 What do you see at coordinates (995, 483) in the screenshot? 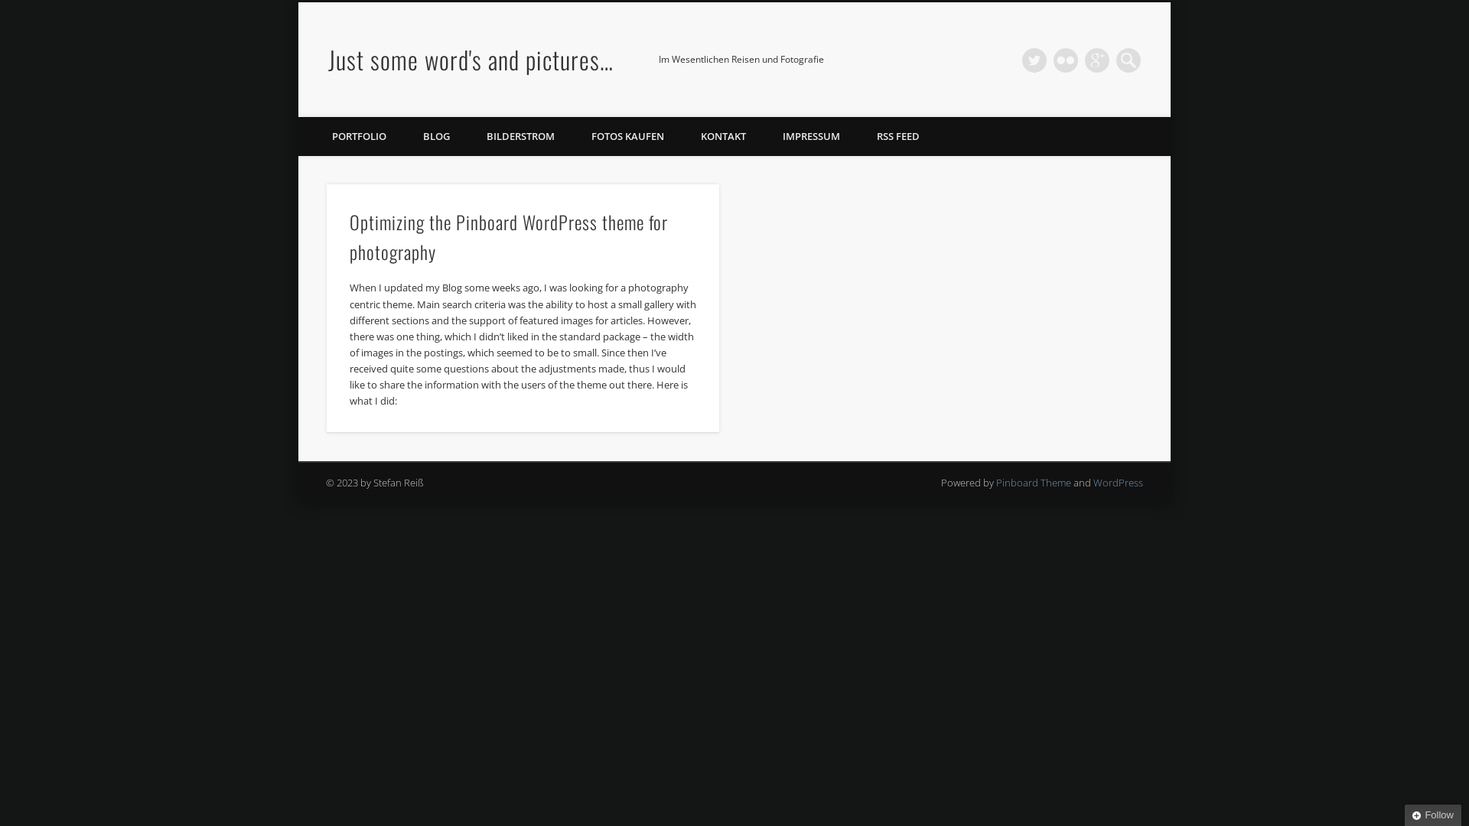
I see `'Pinboard Theme'` at bounding box center [995, 483].